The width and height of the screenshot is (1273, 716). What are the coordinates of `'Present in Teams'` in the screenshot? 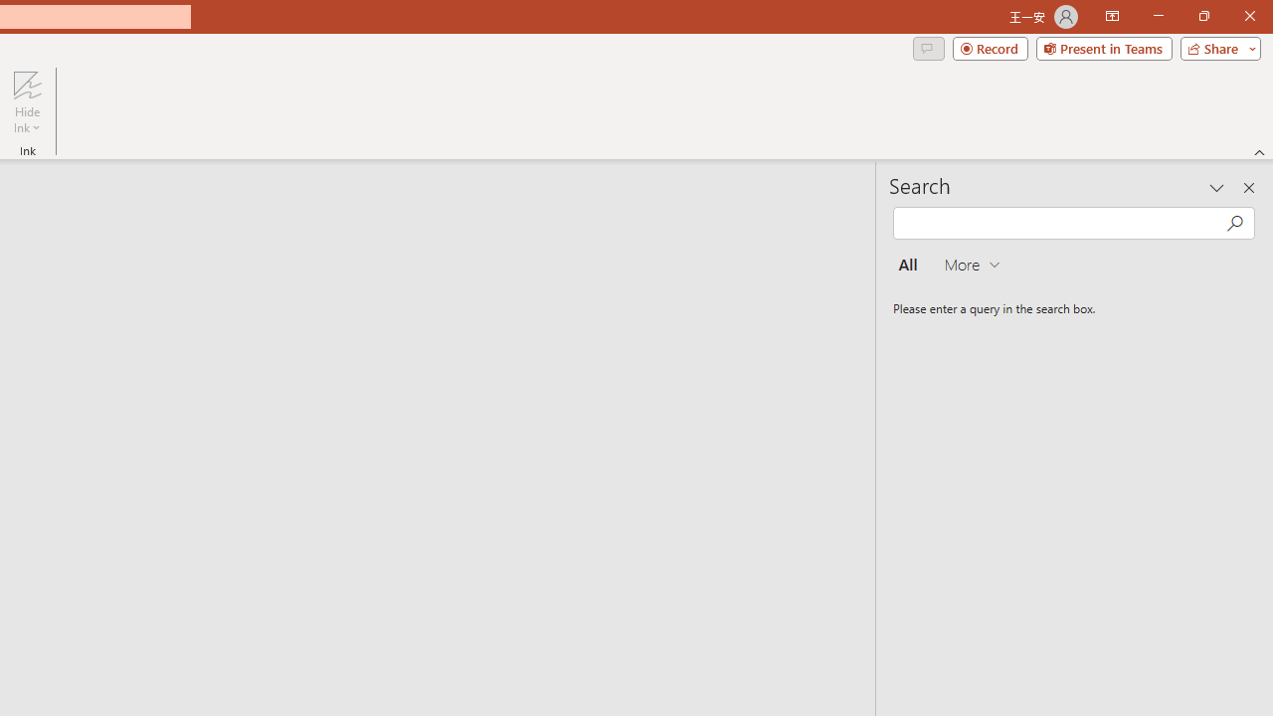 It's located at (1103, 47).